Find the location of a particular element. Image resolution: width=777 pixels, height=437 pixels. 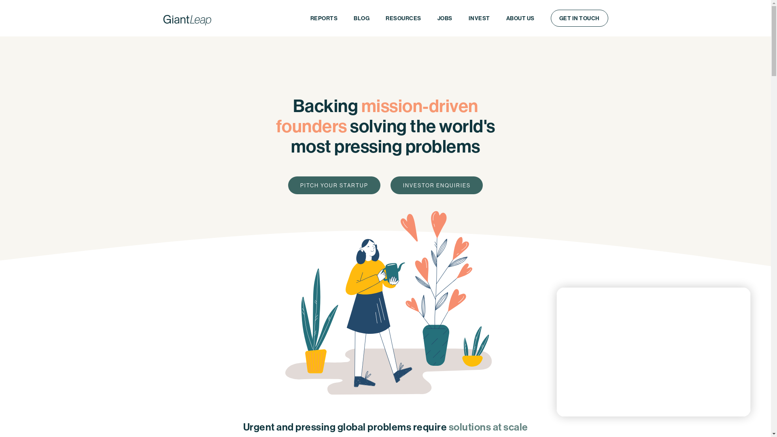

'REPORTS' is located at coordinates (324, 18).